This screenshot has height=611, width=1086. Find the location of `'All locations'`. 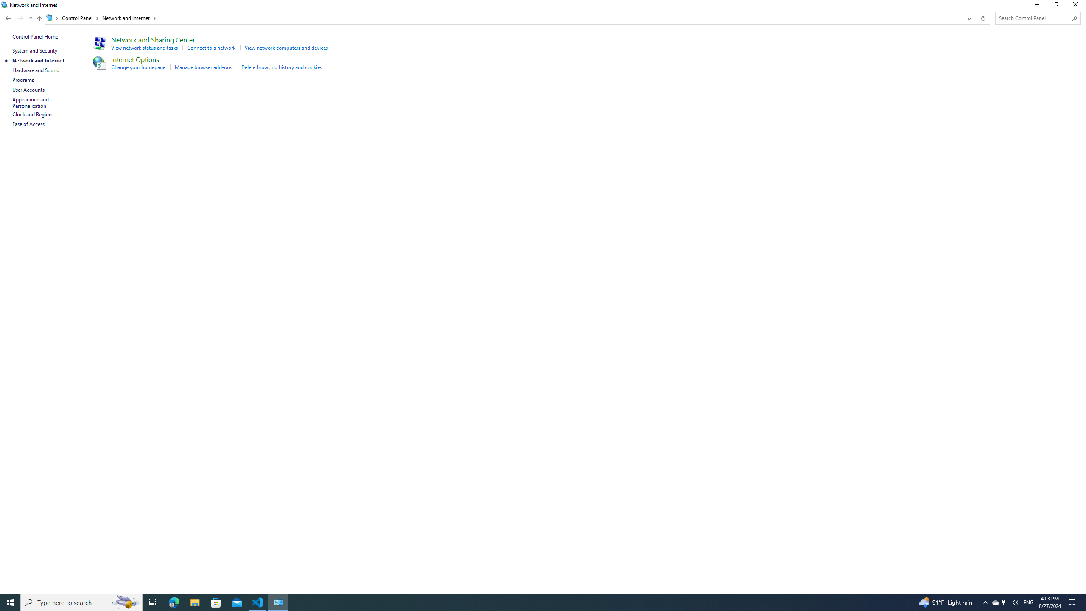

'All locations' is located at coordinates (52, 18).